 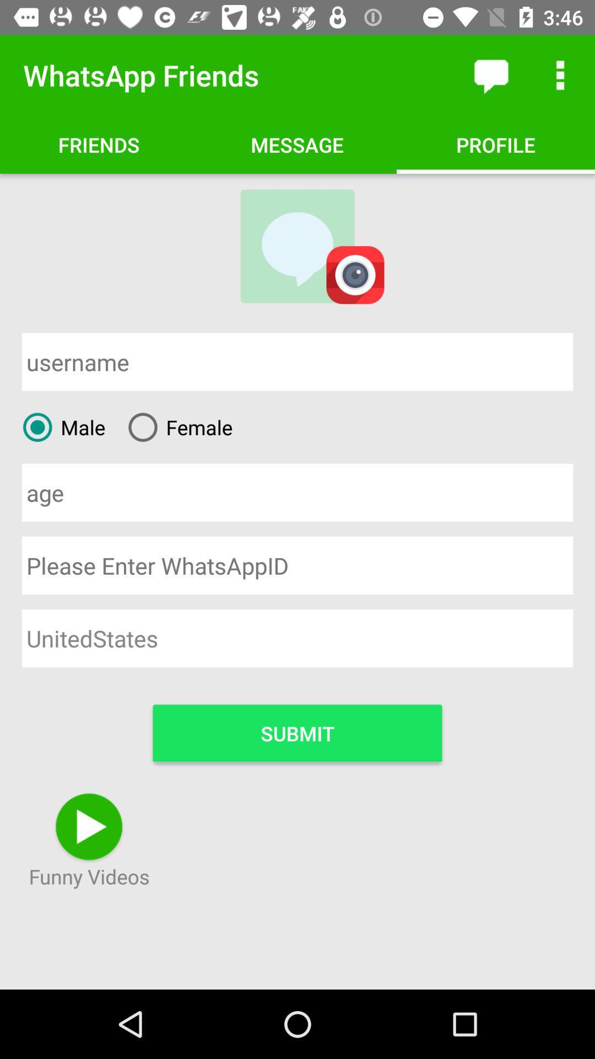 I want to click on more info, so click(x=560, y=74).